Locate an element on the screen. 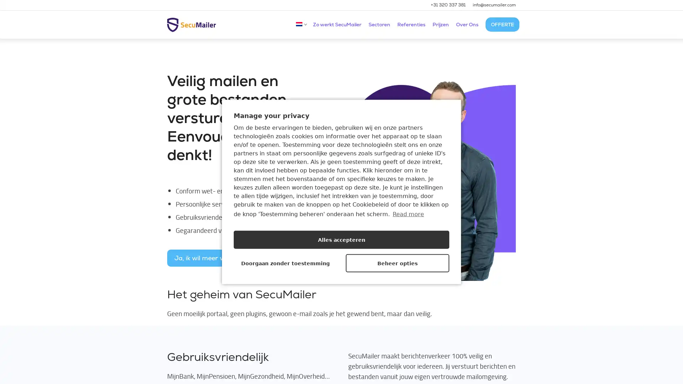 The height and width of the screenshot is (384, 683). Alles accepteren is located at coordinates (341, 240).